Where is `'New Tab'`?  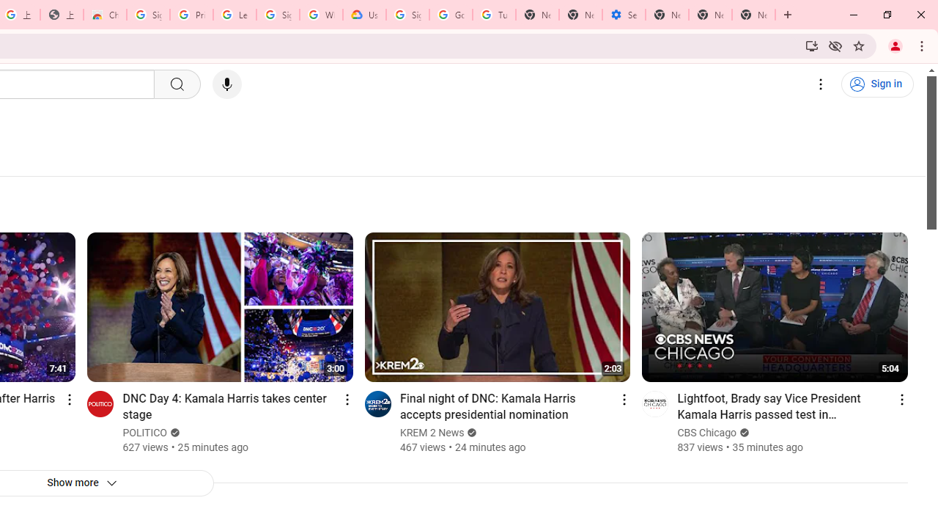 'New Tab' is located at coordinates (753, 15).